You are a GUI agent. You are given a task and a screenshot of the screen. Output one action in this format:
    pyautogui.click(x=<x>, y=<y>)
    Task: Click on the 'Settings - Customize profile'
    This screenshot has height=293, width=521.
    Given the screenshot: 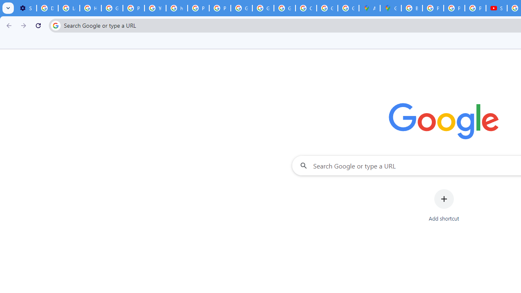 What is the action you would take?
    pyautogui.click(x=26, y=8)
    